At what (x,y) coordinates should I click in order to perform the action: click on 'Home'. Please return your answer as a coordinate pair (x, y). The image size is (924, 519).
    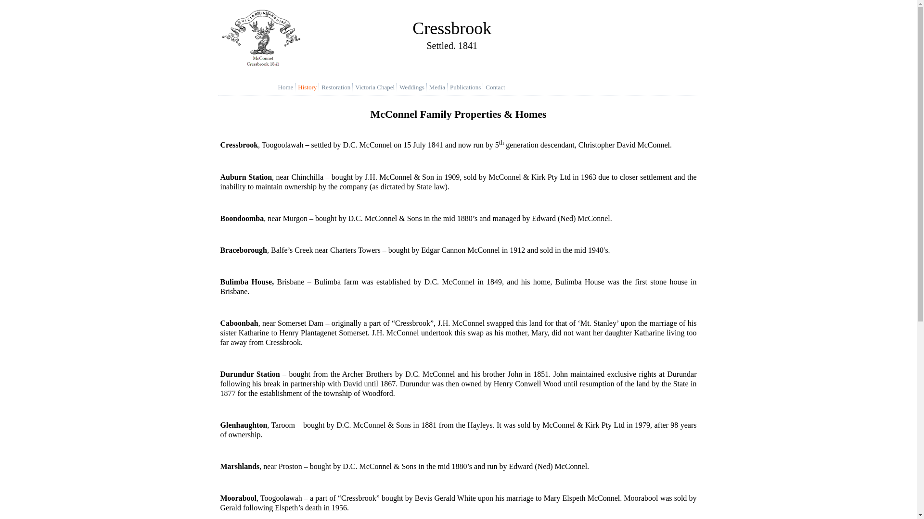
    Looking at the image, I should click on (288, 87).